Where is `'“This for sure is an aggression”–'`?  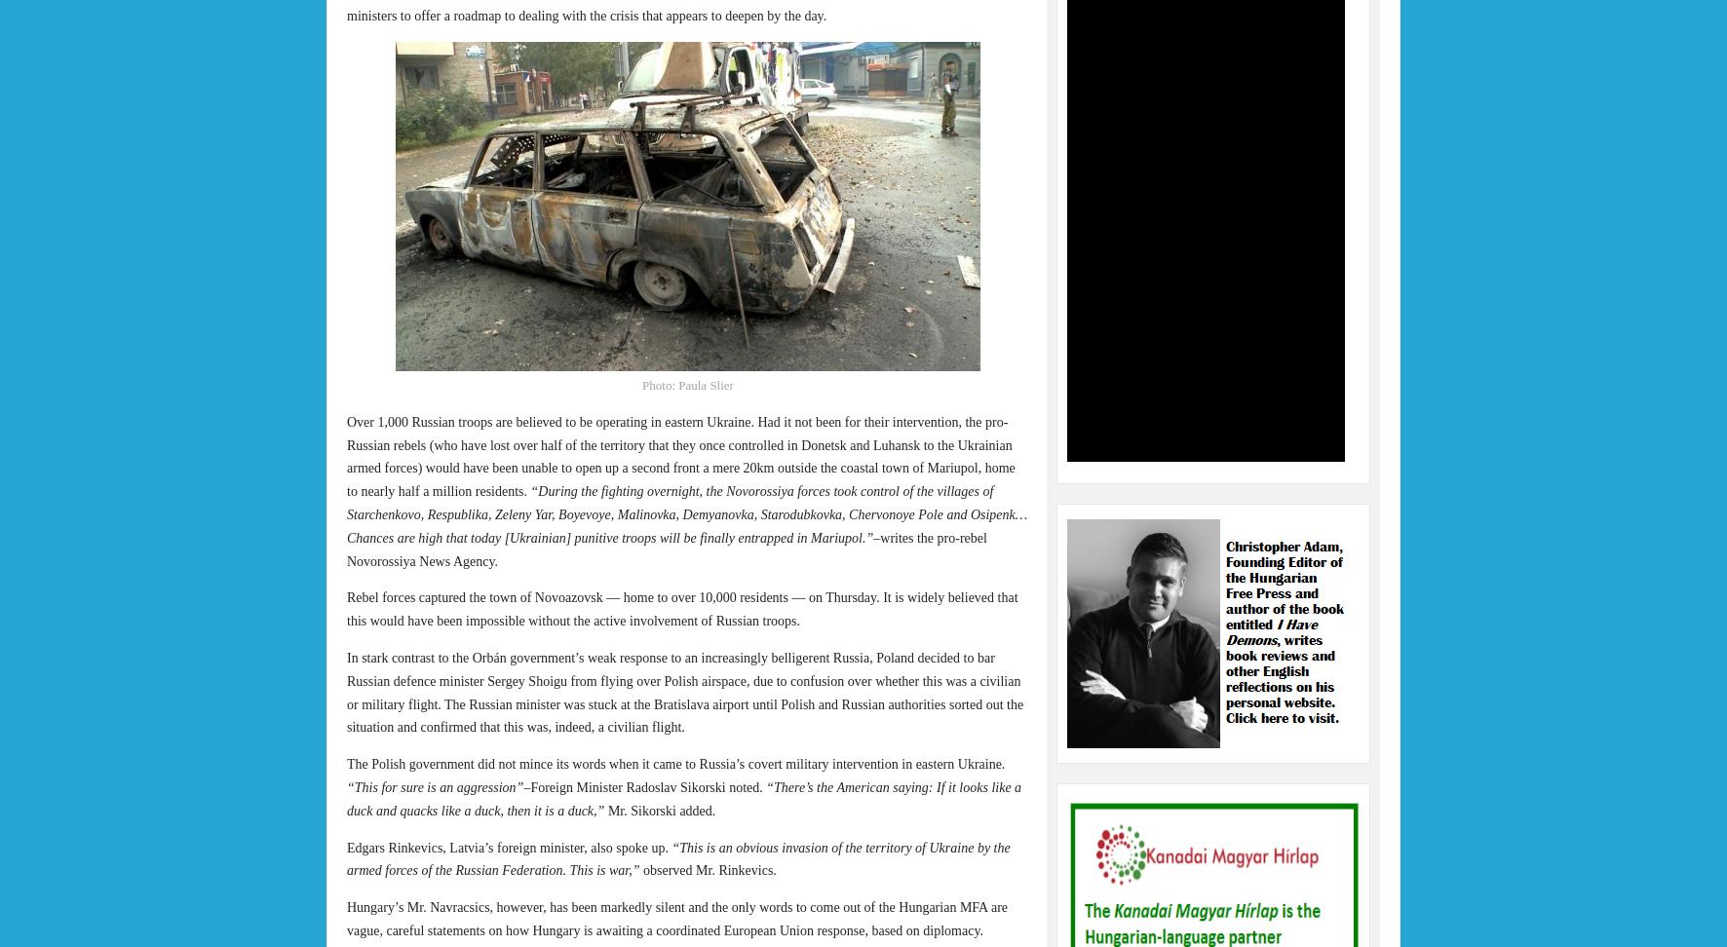 '“This for sure is an aggression”–' is located at coordinates (438, 786).